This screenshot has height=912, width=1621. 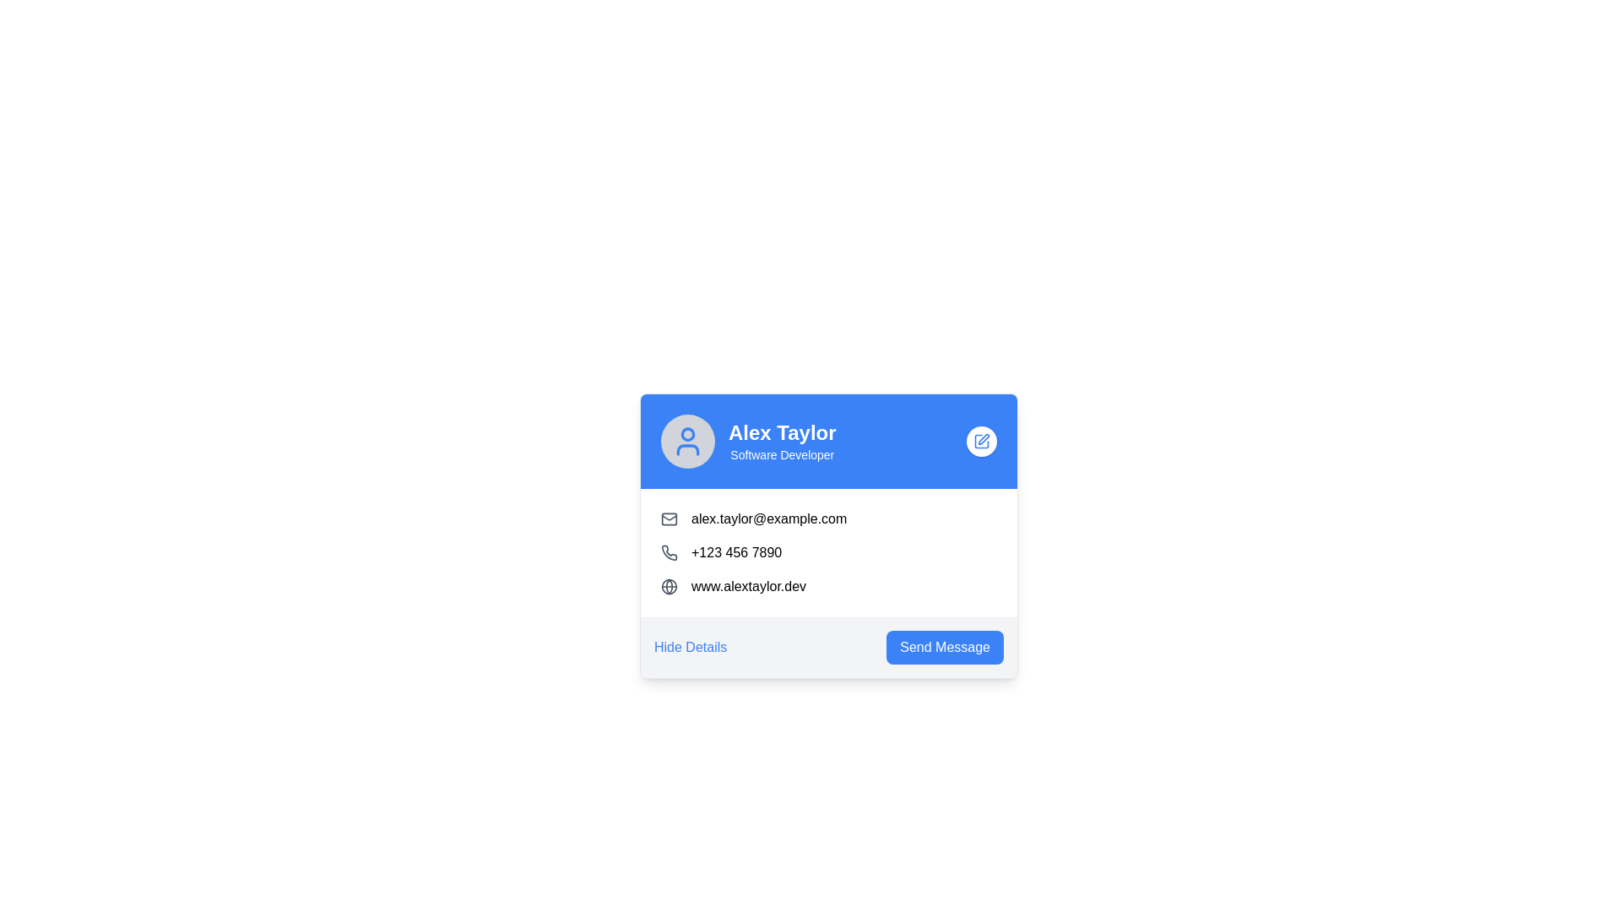 I want to click on the Text block that identifies the individual's name and role, located in the upper central portion of the card, next to the circular user avatar icon, so click(x=781, y=441).